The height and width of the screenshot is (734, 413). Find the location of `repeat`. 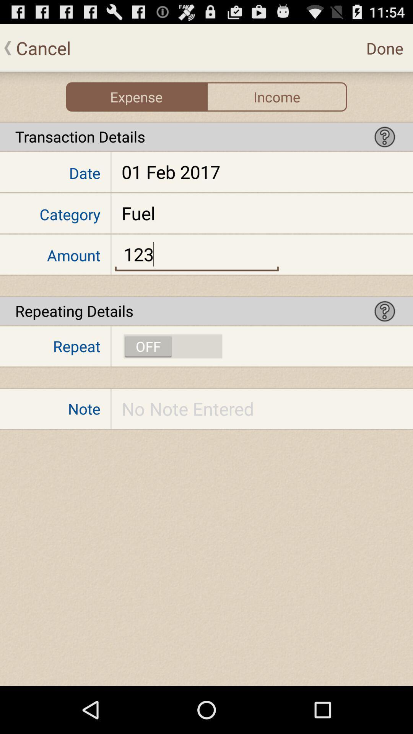

repeat is located at coordinates (173, 346).